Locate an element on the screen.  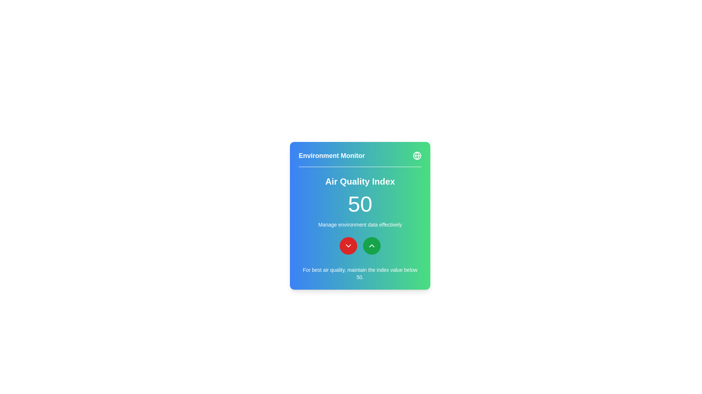
the downward-pointing chevron icon within the bold red circular button located at the bottom-left of the card component is located at coordinates (348, 246).